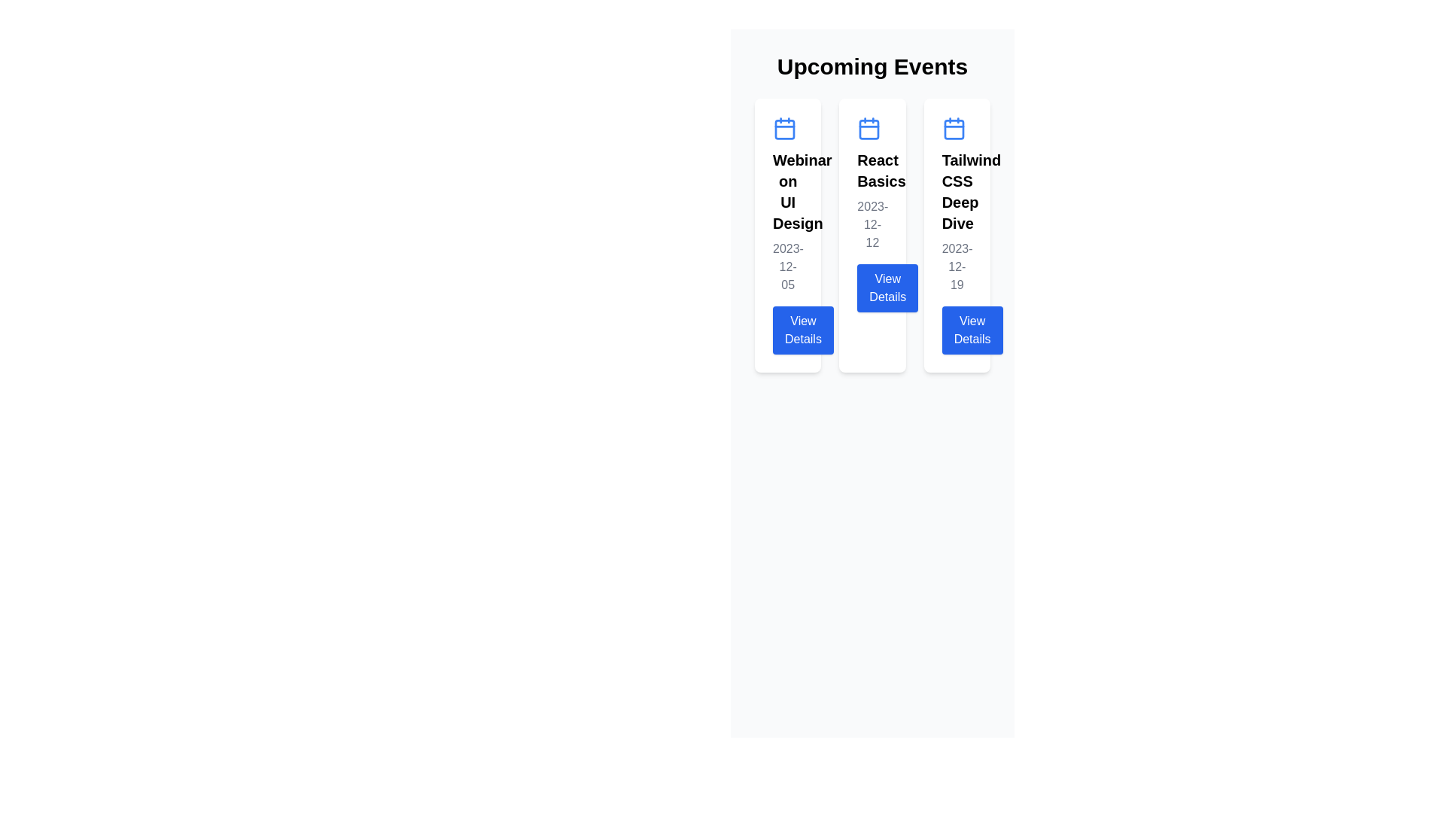 This screenshot has height=813, width=1445. I want to click on the static text label displaying the date of the event, which is located below the title 'Webinar on UI Design' and above the 'View Details' button in the leftmost event card, so click(787, 266).